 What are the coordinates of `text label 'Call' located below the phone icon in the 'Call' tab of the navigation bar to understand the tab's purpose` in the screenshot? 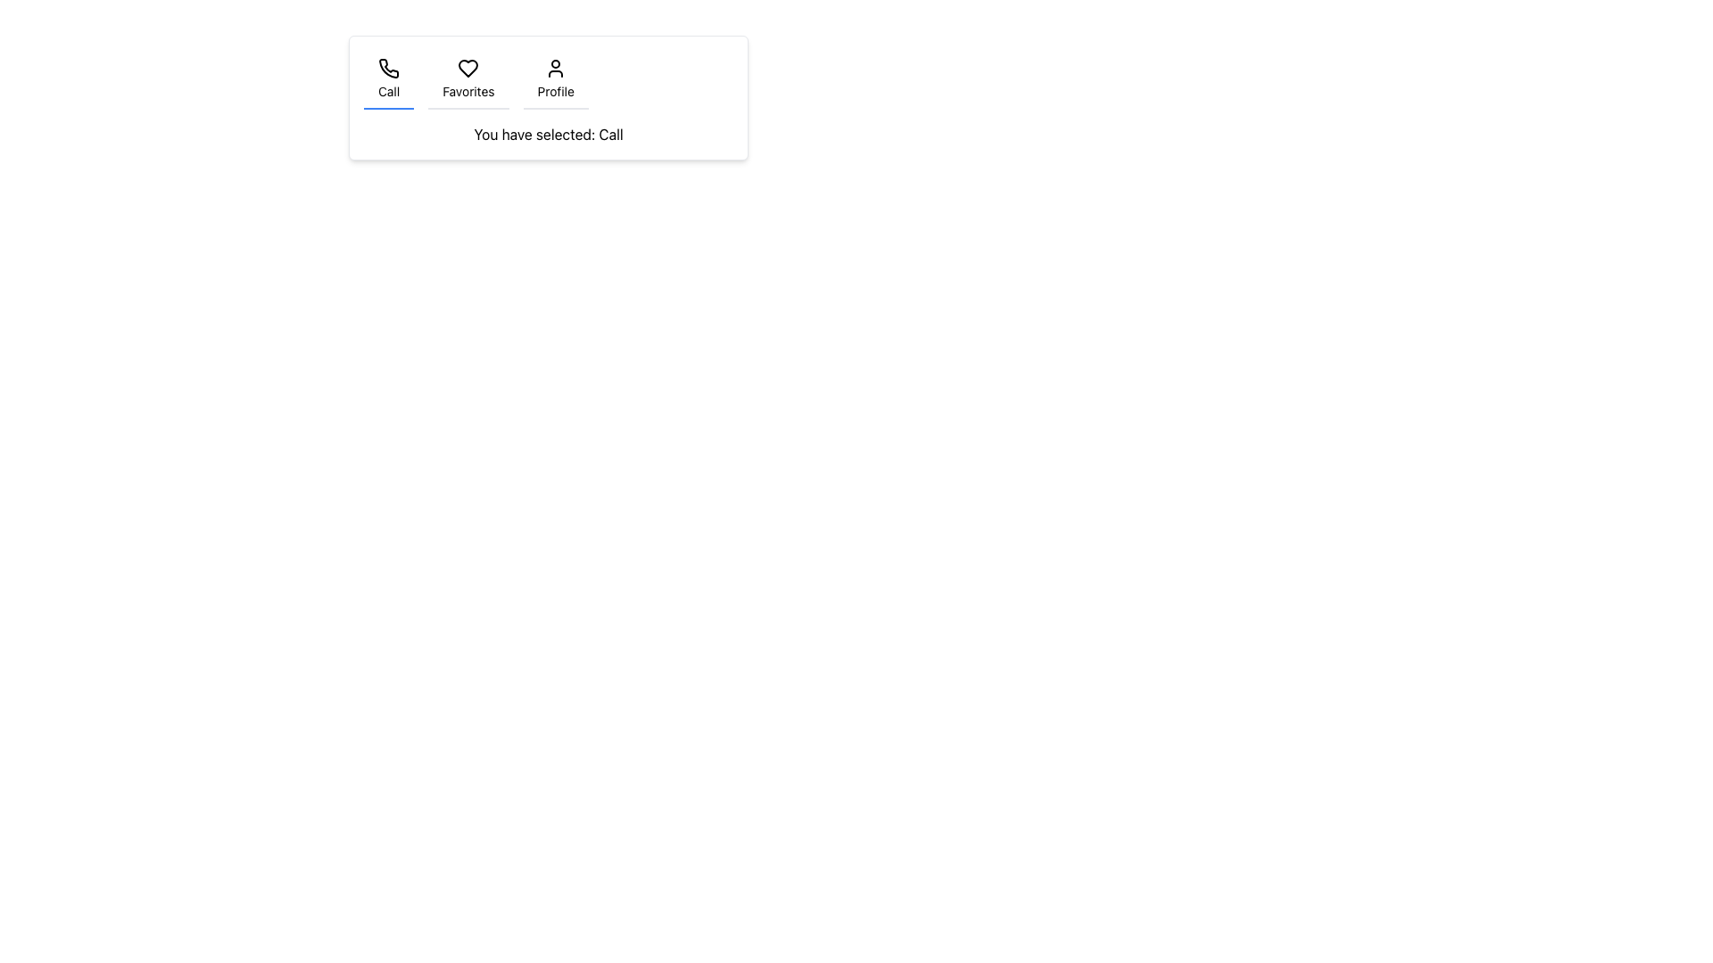 It's located at (388, 92).